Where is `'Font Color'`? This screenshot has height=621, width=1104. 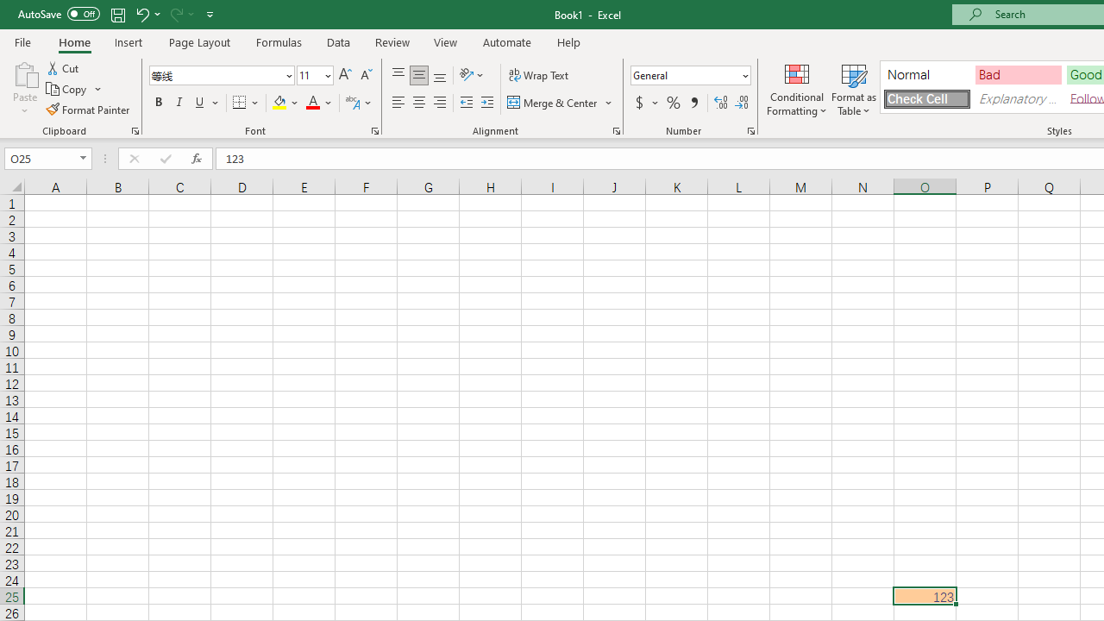
'Font Color' is located at coordinates (319, 103).